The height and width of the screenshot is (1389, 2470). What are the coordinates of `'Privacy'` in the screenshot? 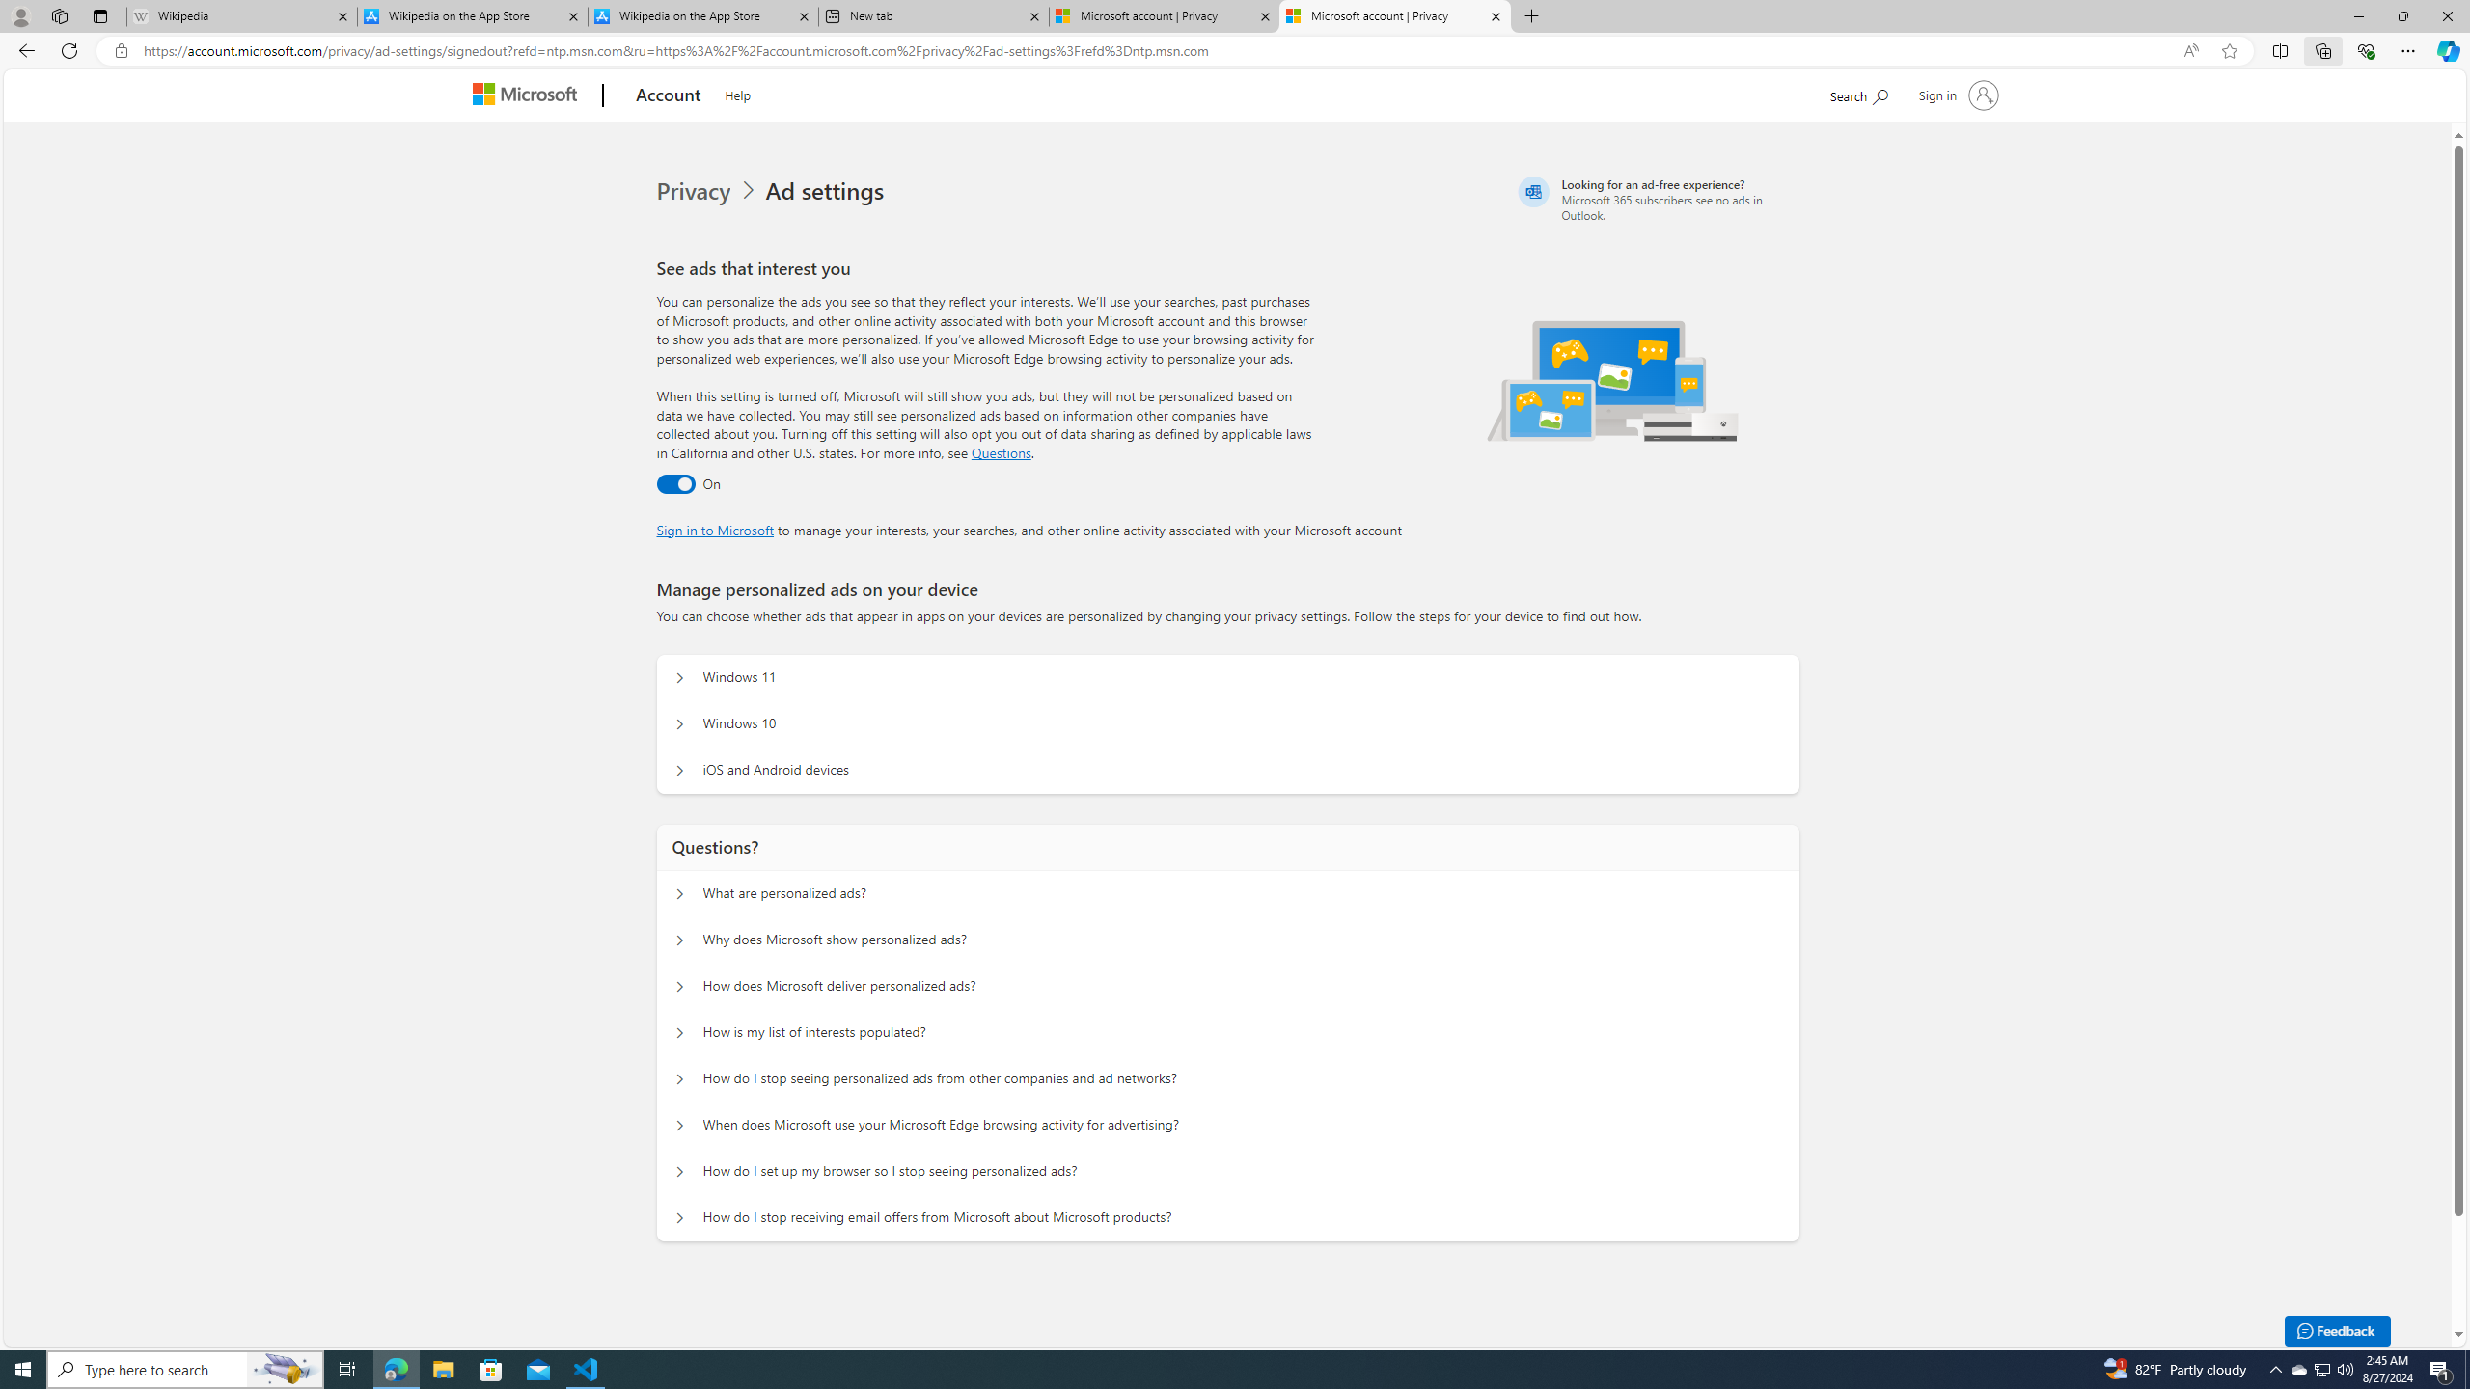 It's located at (696, 191).